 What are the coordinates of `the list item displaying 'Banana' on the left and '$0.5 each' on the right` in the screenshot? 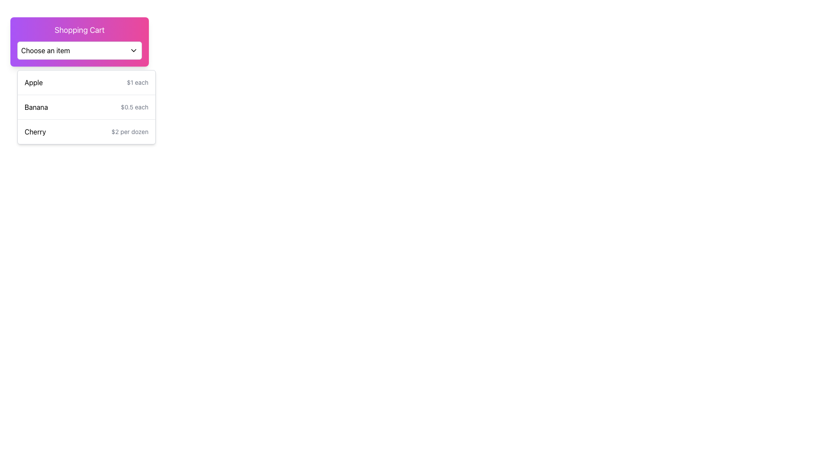 It's located at (87, 106).